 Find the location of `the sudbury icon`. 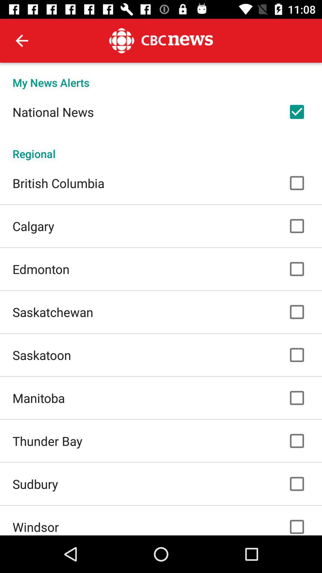

the sudbury icon is located at coordinates (35, 484).